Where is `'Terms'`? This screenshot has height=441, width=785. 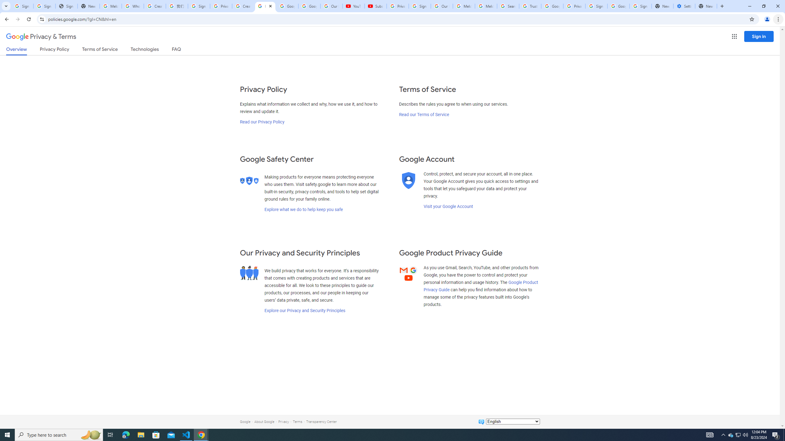 'Terms' is located at coordinates (297, 421).